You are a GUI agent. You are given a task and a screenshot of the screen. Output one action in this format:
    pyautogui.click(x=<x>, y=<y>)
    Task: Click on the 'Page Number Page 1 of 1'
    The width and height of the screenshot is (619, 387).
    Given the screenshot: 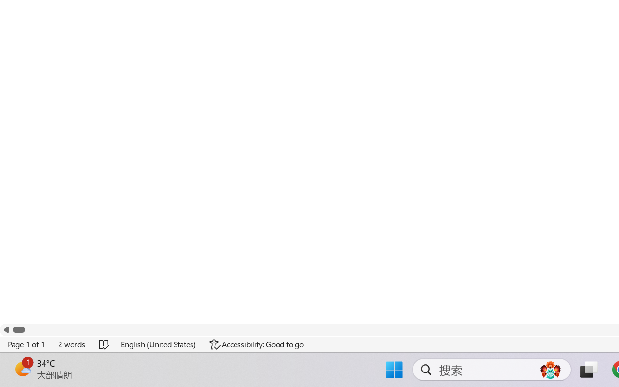 What is the action you would take?
    pyautogui.click(x=27, y=344)
    